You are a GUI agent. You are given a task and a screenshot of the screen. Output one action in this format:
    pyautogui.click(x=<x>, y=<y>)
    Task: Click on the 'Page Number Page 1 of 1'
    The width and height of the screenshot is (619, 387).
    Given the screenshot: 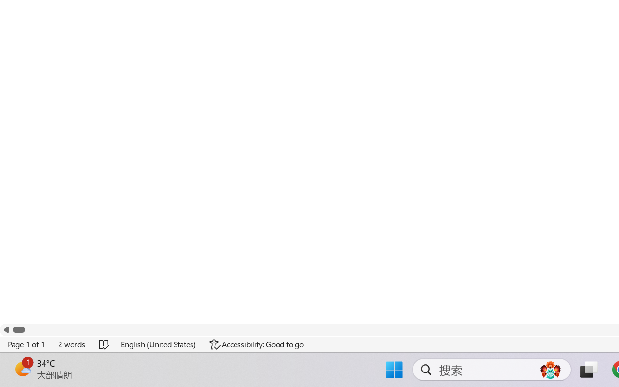 What is the action you would take?
    pyautogui.click(x=27, y=344)
    